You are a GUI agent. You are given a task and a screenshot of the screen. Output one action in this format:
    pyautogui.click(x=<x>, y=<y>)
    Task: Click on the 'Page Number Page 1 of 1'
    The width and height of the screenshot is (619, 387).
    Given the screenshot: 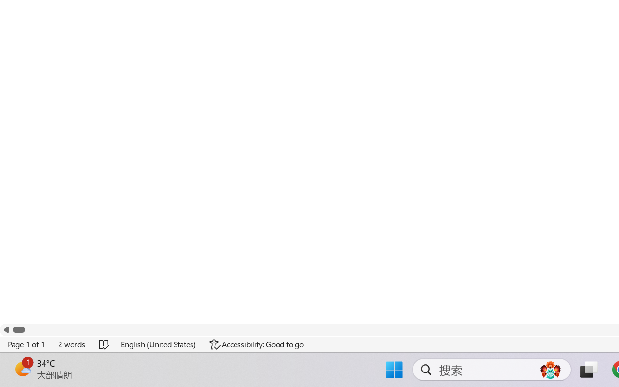 What is the action you would take?
    pyautogui.click(x=27, y=344)
    